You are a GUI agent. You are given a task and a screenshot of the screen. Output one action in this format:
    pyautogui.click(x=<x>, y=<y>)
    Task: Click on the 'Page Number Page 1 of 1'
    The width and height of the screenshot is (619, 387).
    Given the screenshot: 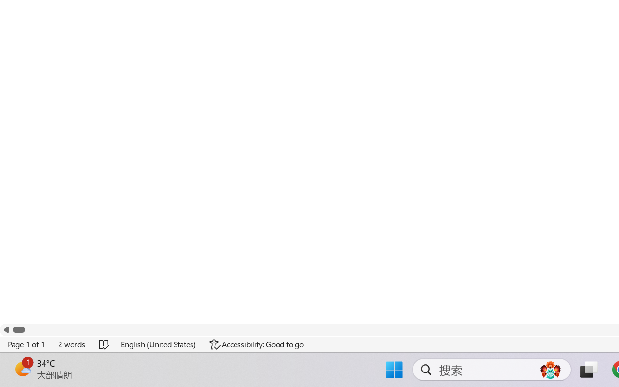 What is the action you would take?
    pyautogui.click(x=27, y=344)
    